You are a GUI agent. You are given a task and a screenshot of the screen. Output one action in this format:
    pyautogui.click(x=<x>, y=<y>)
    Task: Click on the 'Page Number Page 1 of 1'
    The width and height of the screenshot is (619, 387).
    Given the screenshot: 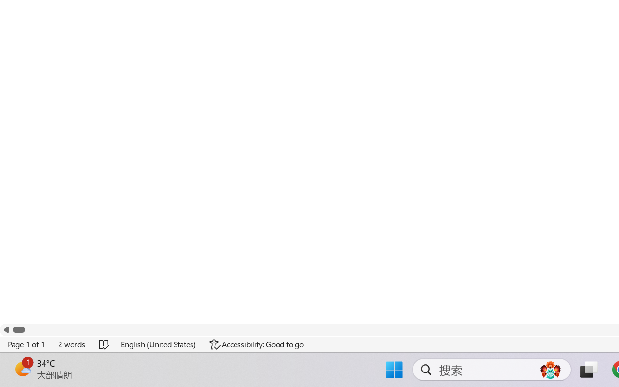 What is the action you would take?
    pyautogui.click(x=27, y=344)
    